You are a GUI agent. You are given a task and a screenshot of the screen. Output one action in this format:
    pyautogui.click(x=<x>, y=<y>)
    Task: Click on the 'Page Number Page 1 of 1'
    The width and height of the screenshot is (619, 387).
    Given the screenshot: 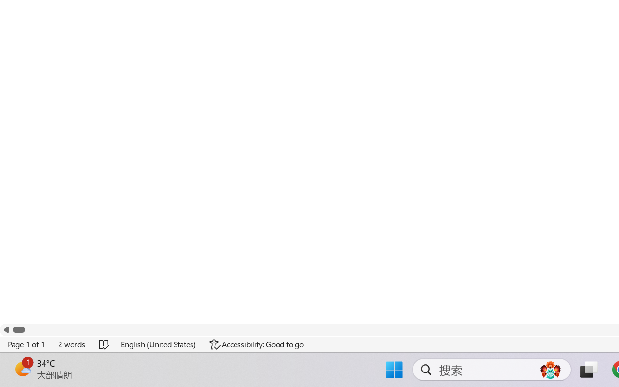 What is the action you would take?
    pyautogui.click(x=27, y=344)
    